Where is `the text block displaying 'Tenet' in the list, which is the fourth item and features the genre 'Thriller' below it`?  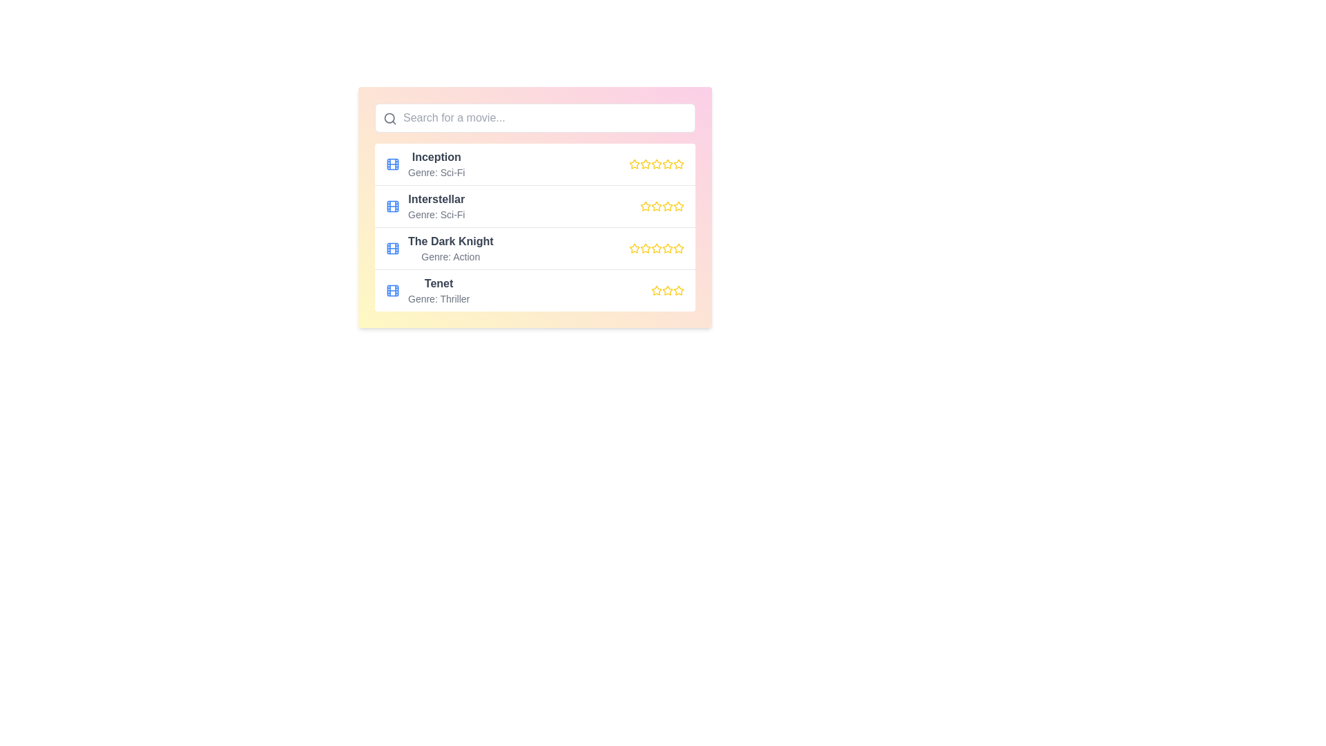
the text block displaying 'Tenet' in the list, which is the fourth item and features the genre 'Thriller' below it is located at coordinates (438, 289).